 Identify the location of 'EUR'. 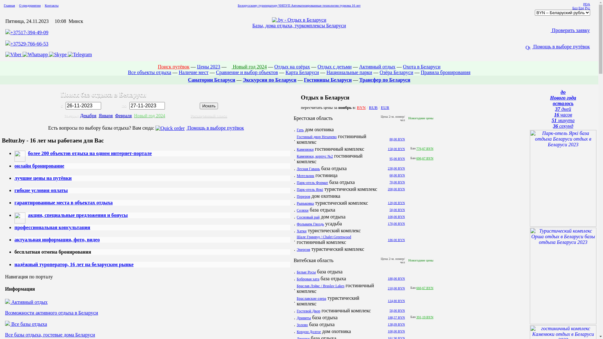
(381, 107).